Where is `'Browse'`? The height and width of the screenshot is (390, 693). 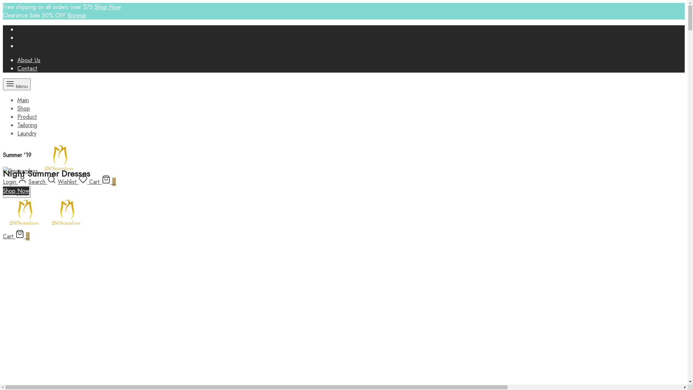
'Browse' is located at coordinates (77, 15).